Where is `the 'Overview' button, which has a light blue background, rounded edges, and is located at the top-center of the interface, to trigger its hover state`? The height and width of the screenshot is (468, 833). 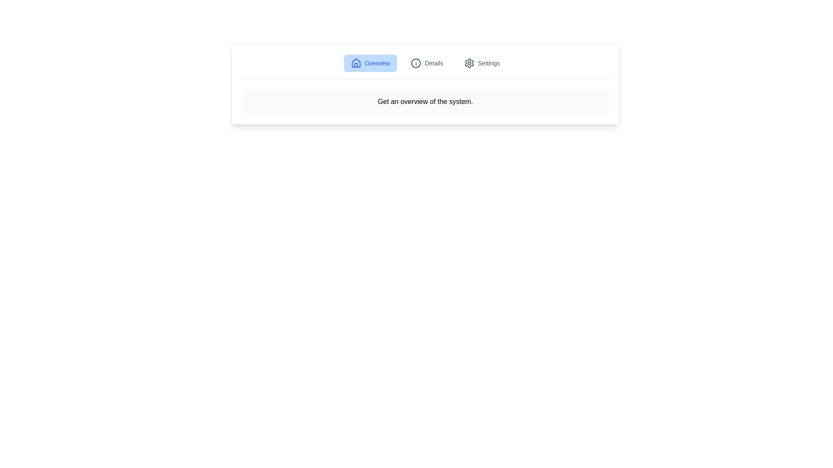 the 'Overview' button, which has a light blue background, rounded edges, and is located at the top-center of the interface, to trigger its hover state is located at coordinates (370, 63).